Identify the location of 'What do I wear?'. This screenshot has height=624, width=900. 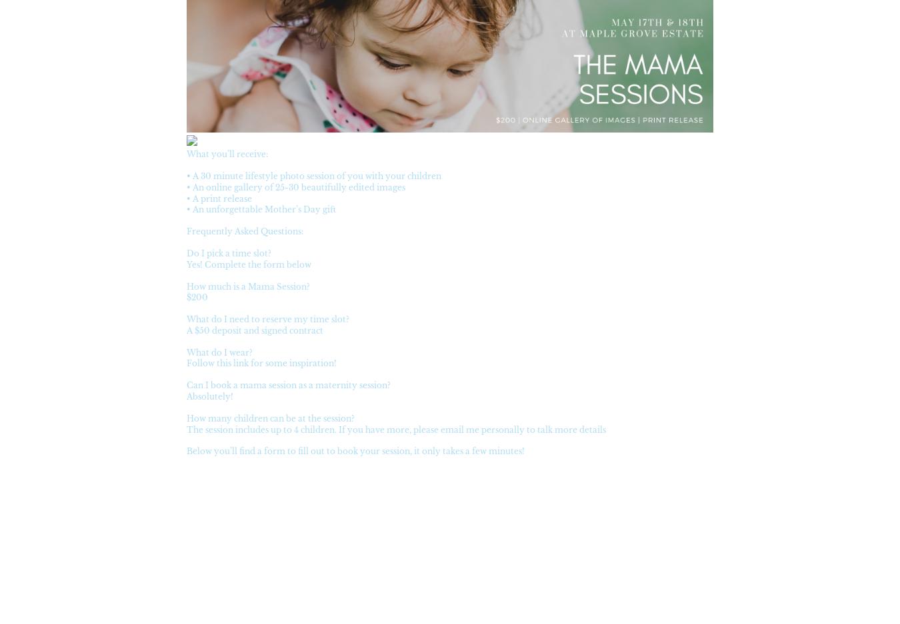
(219, 351).